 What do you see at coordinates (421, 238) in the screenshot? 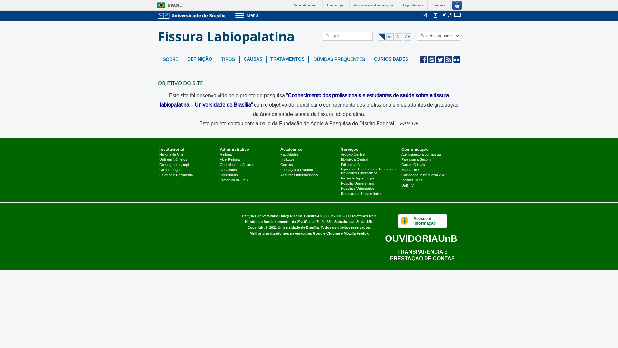
I see `'OUVIDORIAUnB'` at bounding box center [421, 238].